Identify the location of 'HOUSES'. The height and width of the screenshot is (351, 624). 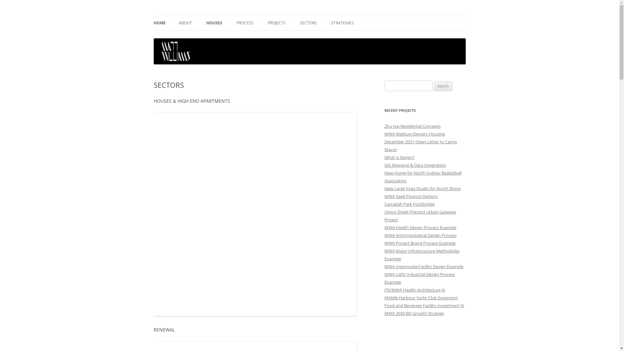
(214, 22).